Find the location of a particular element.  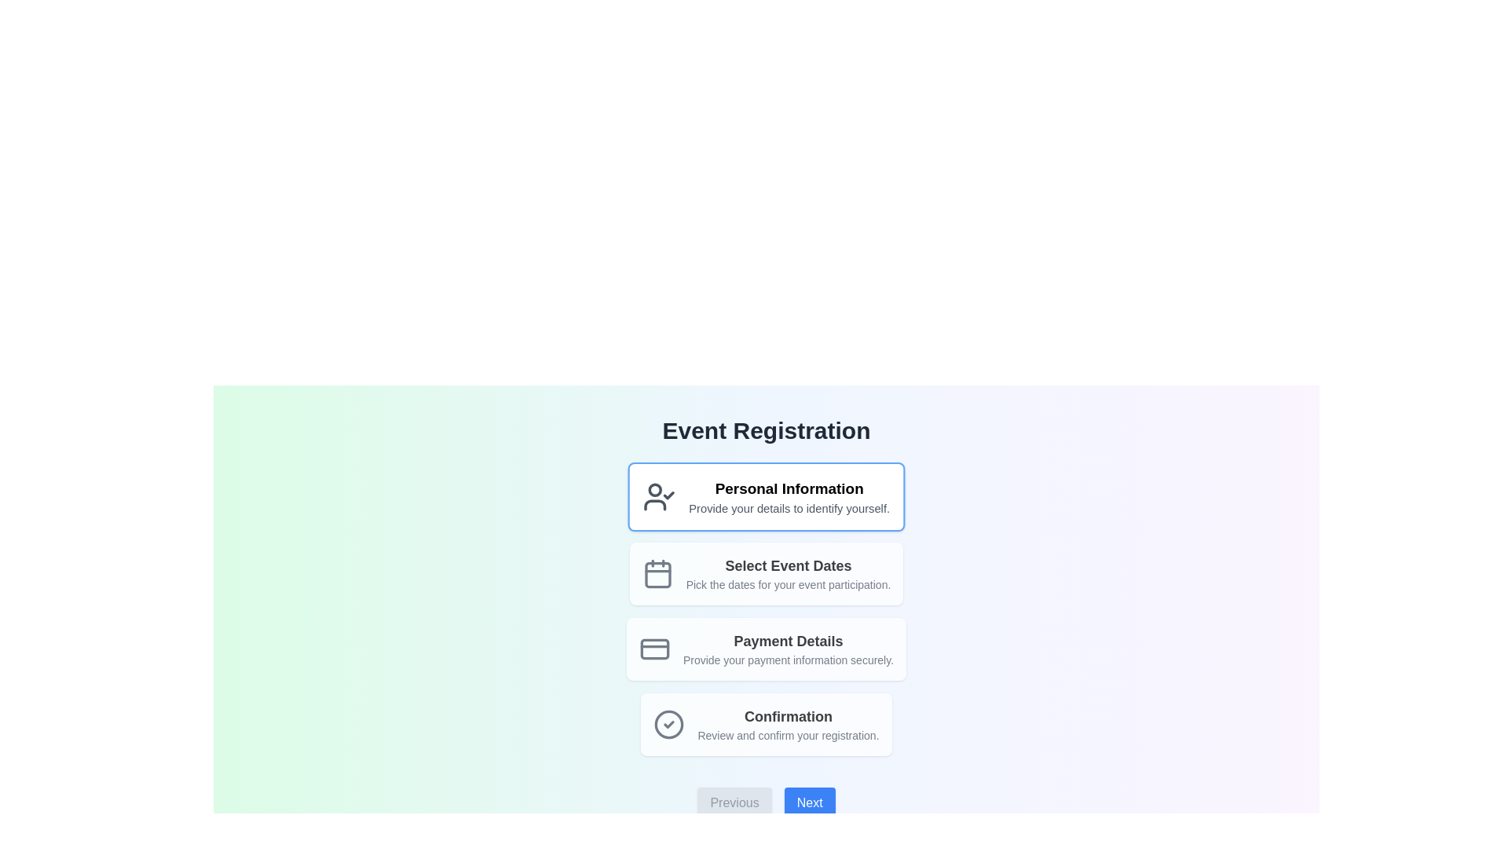

the user profile icon with a checkmark located at the top-left corner of the 'Personal Information' box in the event registration interface is located at coordinates (659, 496).